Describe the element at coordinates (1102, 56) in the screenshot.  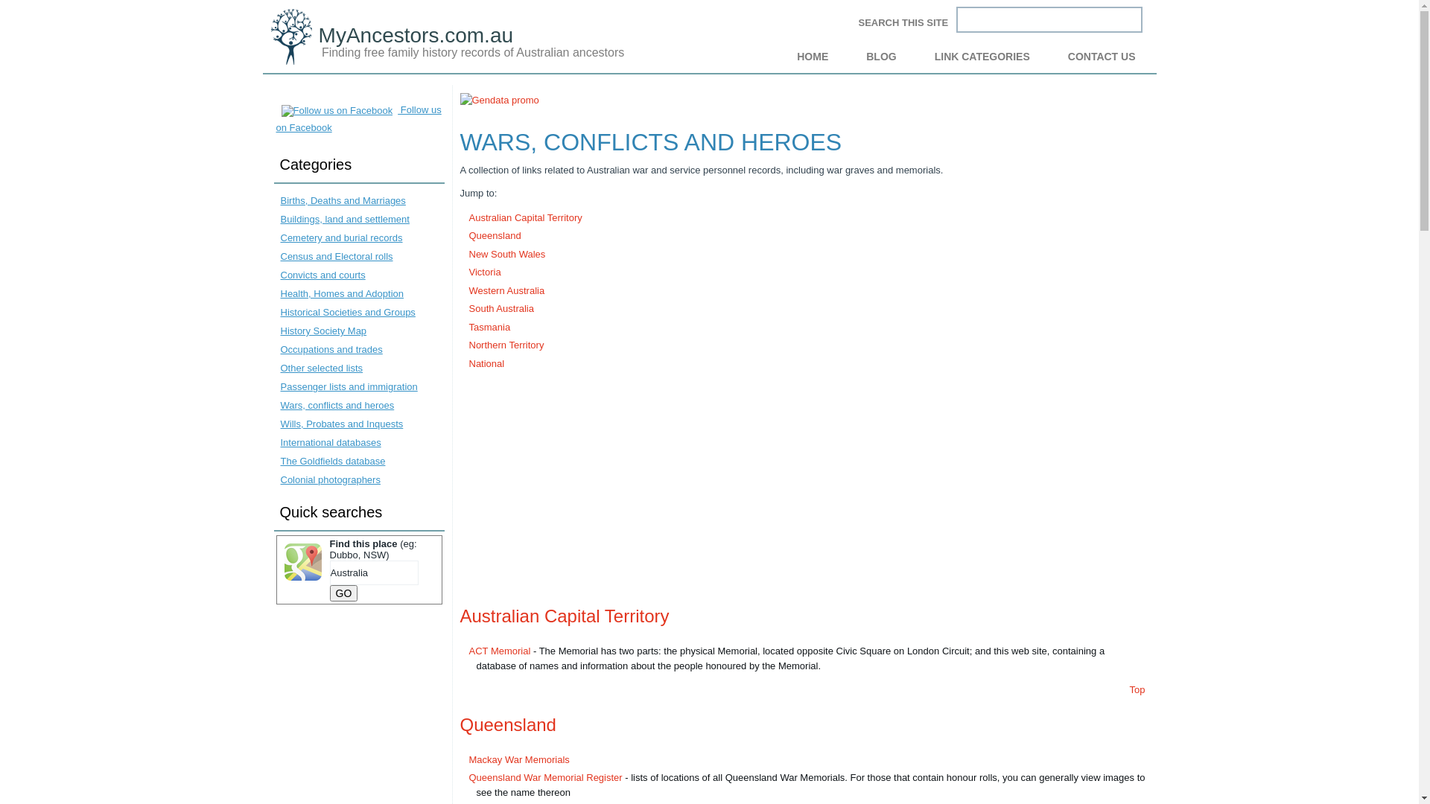
I see `'CONTACT US'` at that location.